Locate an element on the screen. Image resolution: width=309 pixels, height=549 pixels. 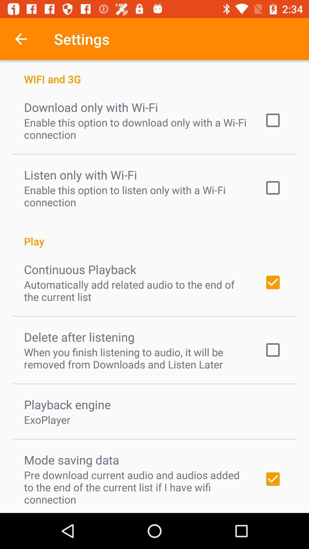
mode saving data item is located at coordinates (71, 460).